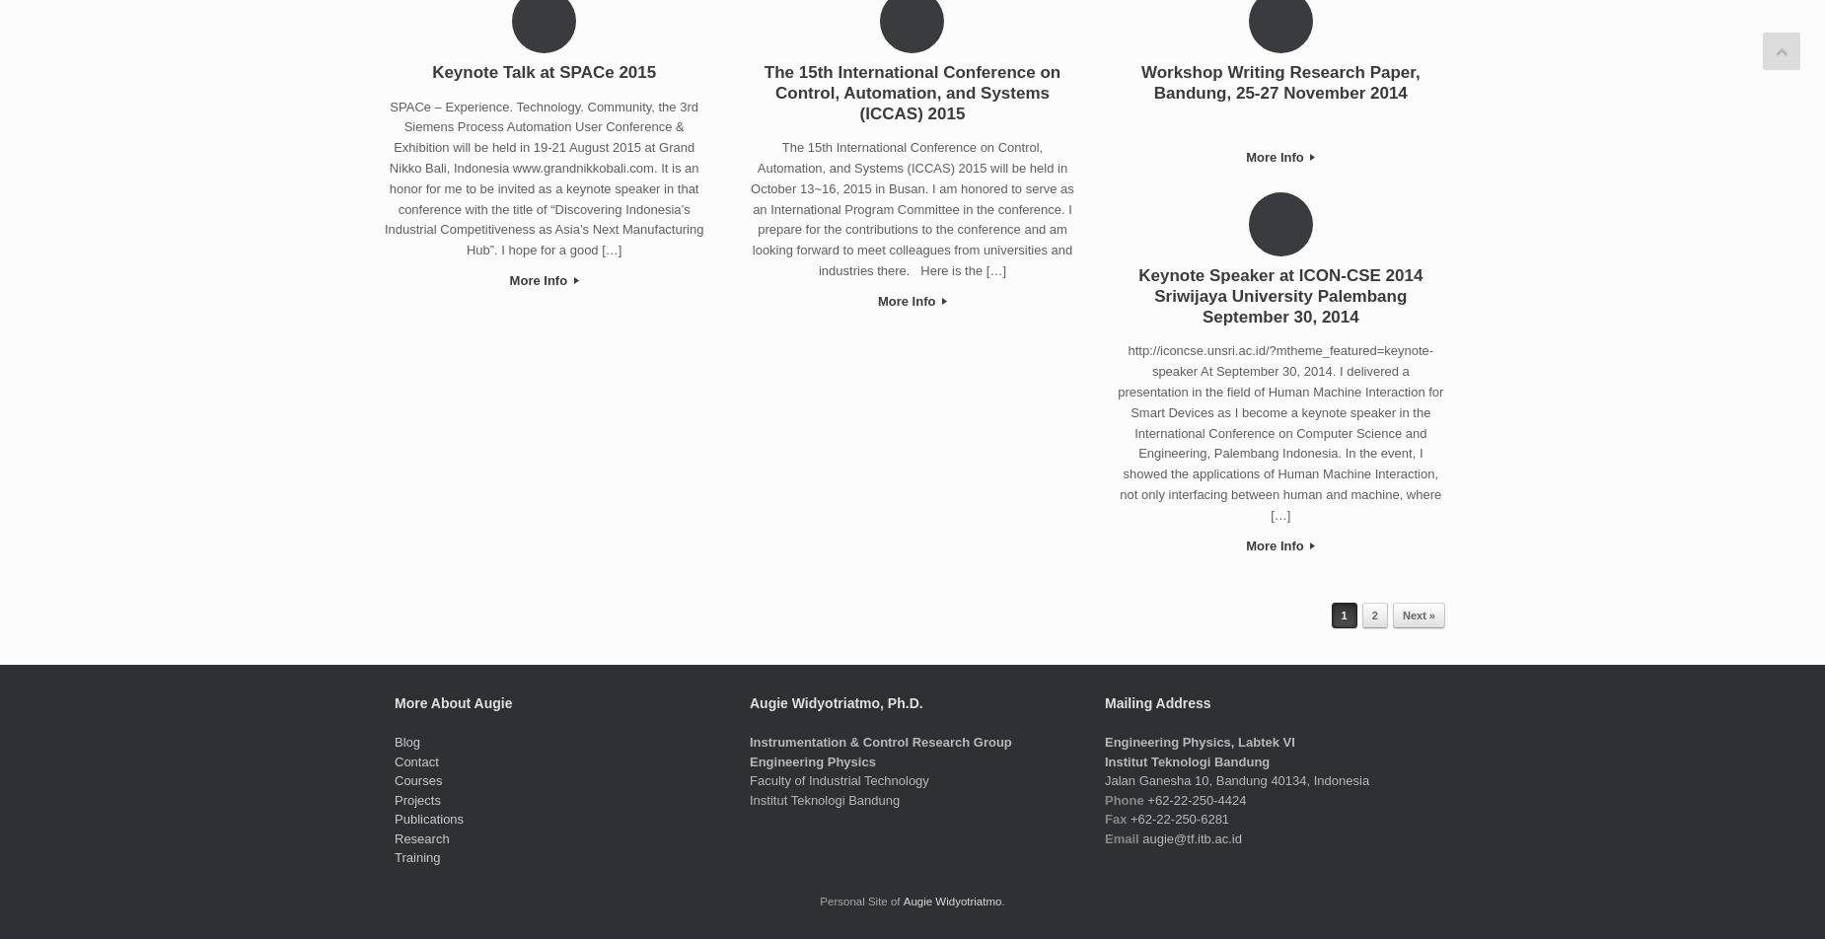  What do you see at coordinates (544, 72) in the screenshot?
I see `'Keynote Talk at SPACe 2015'` at bounding box center [544, 72].